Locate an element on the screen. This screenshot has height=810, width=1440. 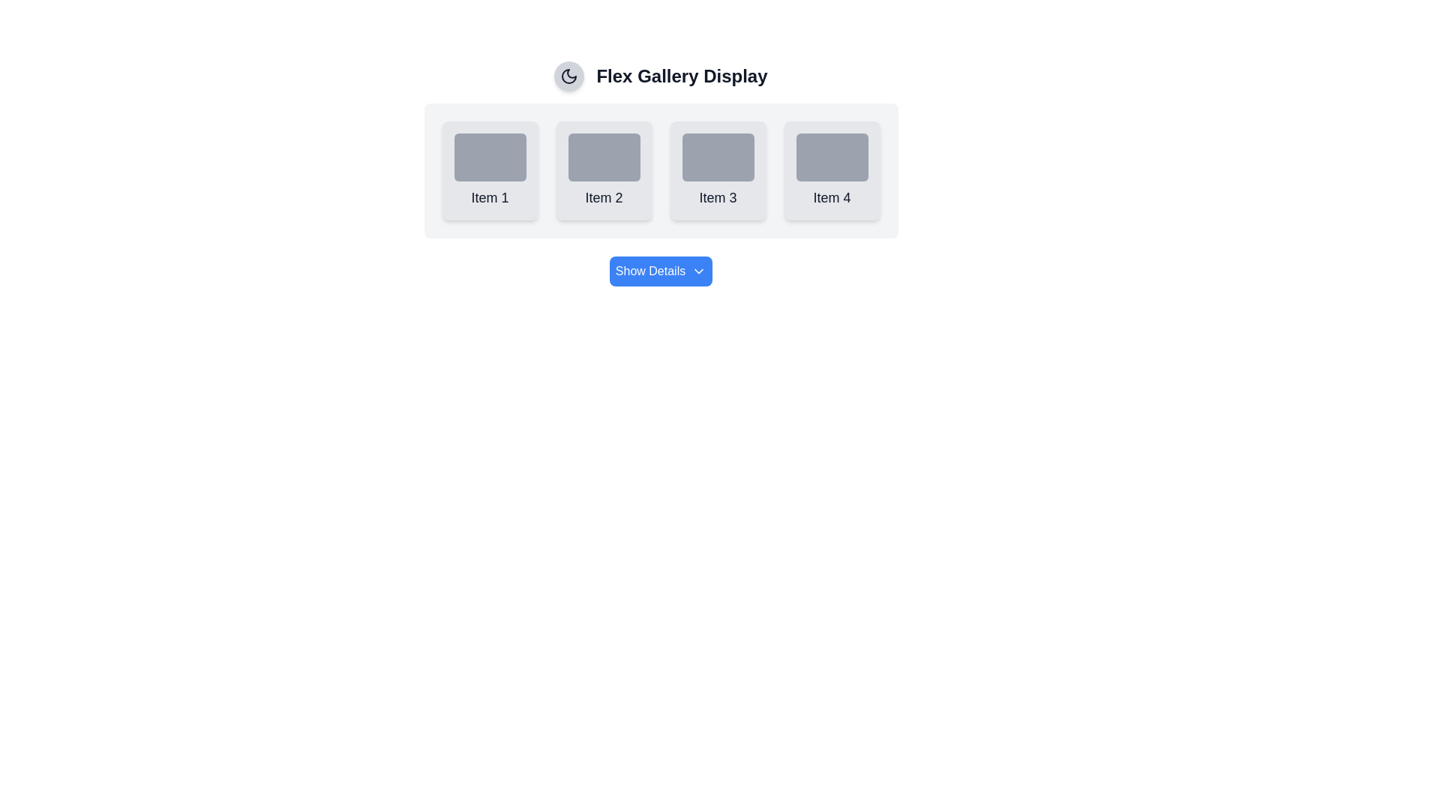
the crescent moon icon located at the top of the interface, adjacent to the 'Flex Gallery Display' title is located at coordinates (568, 76).